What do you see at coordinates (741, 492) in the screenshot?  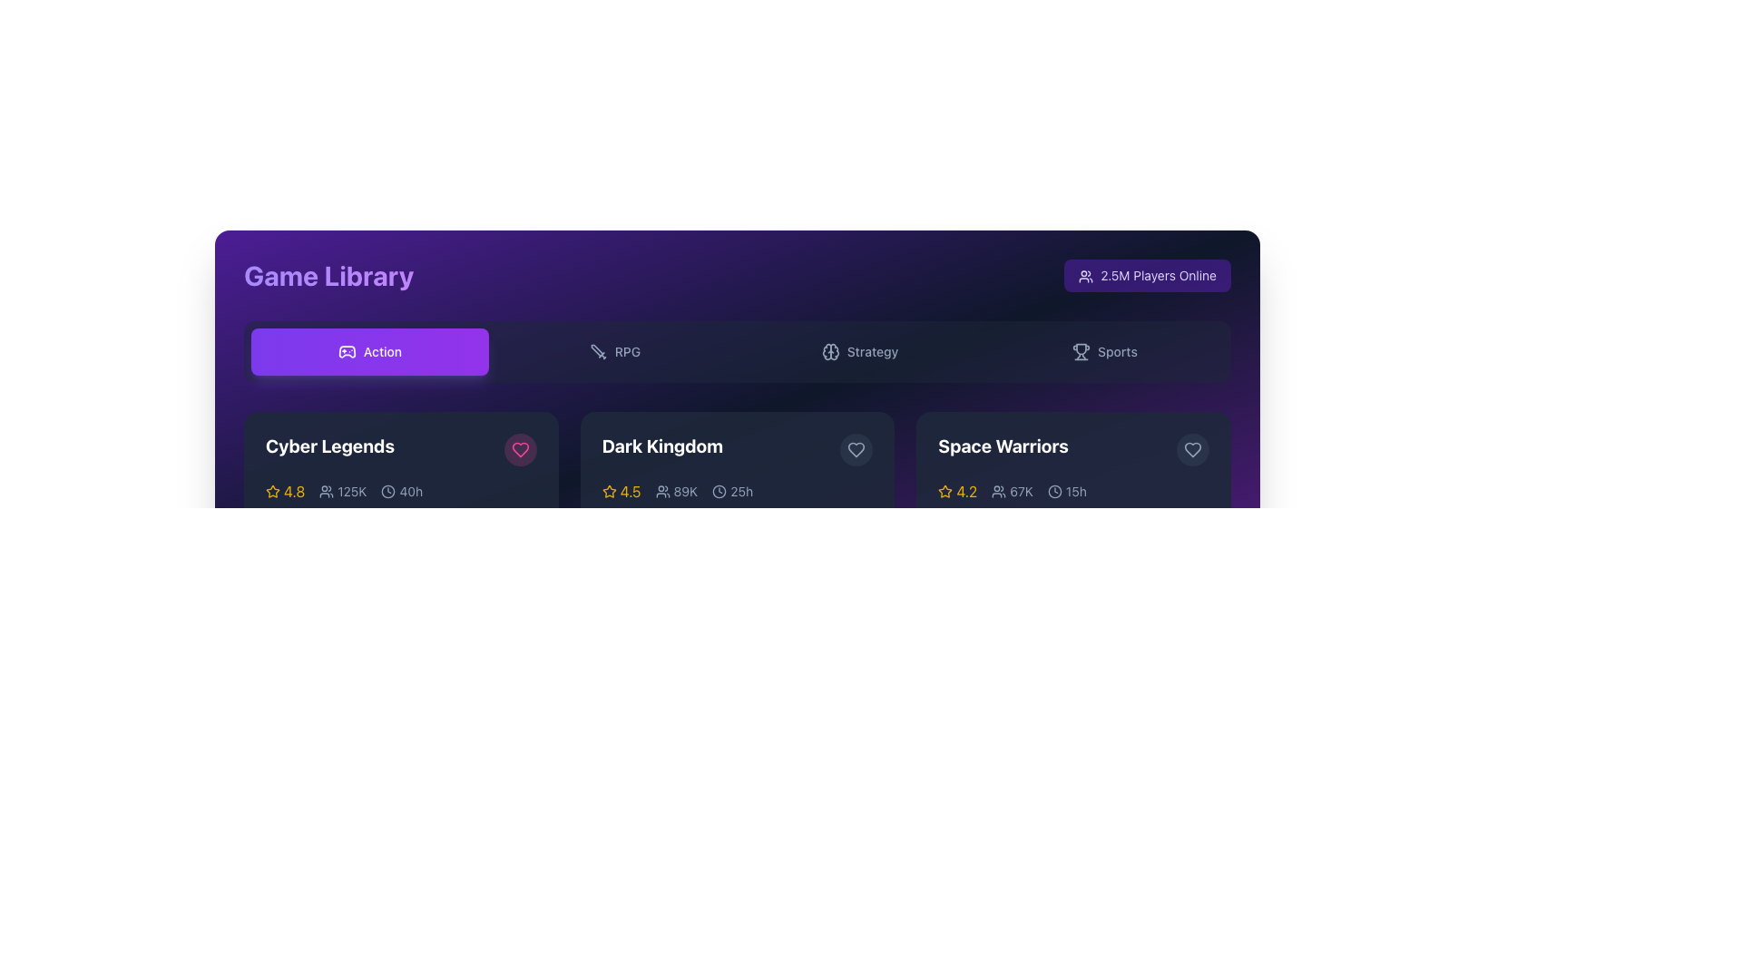 I see `the content of the text label displaying '25h', which is styled in gray and indicates time, located to the right of the clock icon within the game information card for 'Dark Kingdom'` at bounding box center [741, 492].